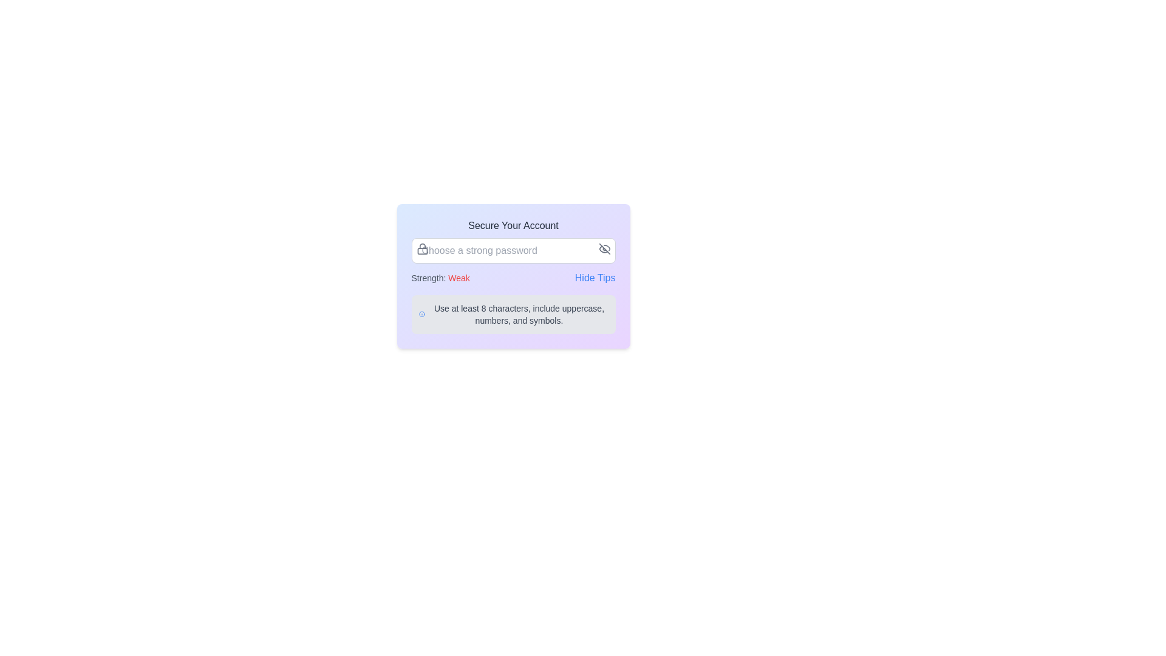 The height and width of the screenshot is (656, 1166). What do you see at coordinates (422, 250) in the screenshot?
I see `the decorative SVG element that represents the rectangular base of the lock icon, located to the left of the 'Choose a strong password' input field` at bounding box center [422, 250].